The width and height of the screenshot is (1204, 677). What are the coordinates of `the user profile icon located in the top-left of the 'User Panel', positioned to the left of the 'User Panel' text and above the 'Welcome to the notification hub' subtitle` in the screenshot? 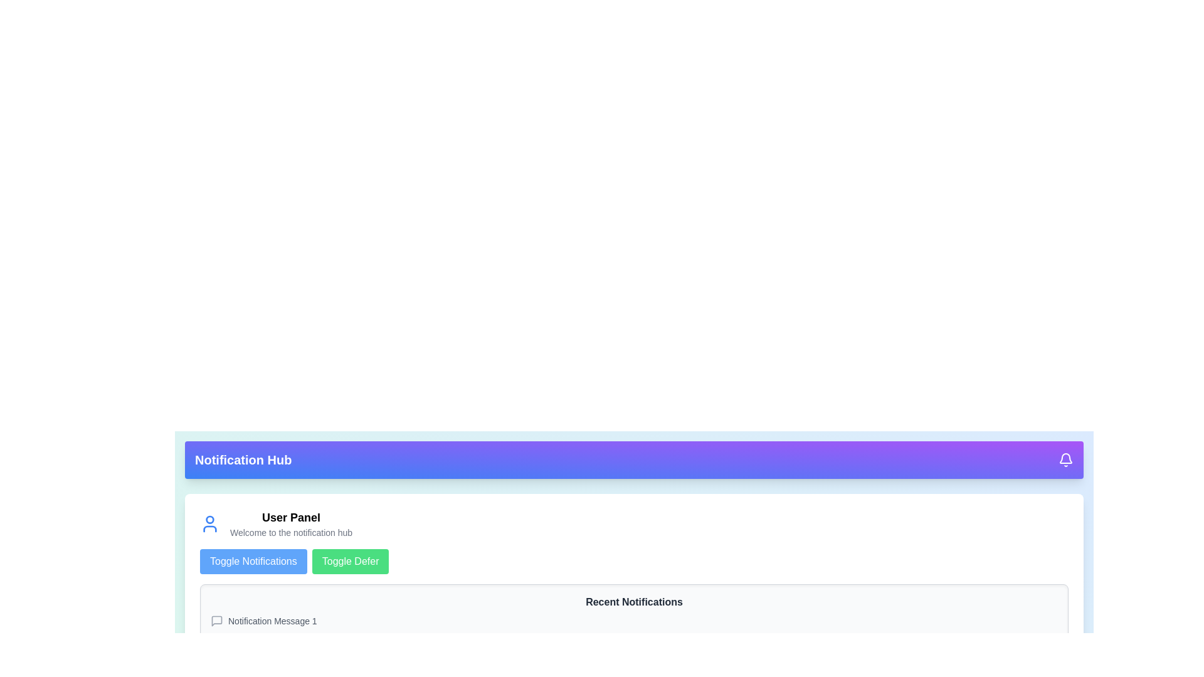 It's located at (210, 524).